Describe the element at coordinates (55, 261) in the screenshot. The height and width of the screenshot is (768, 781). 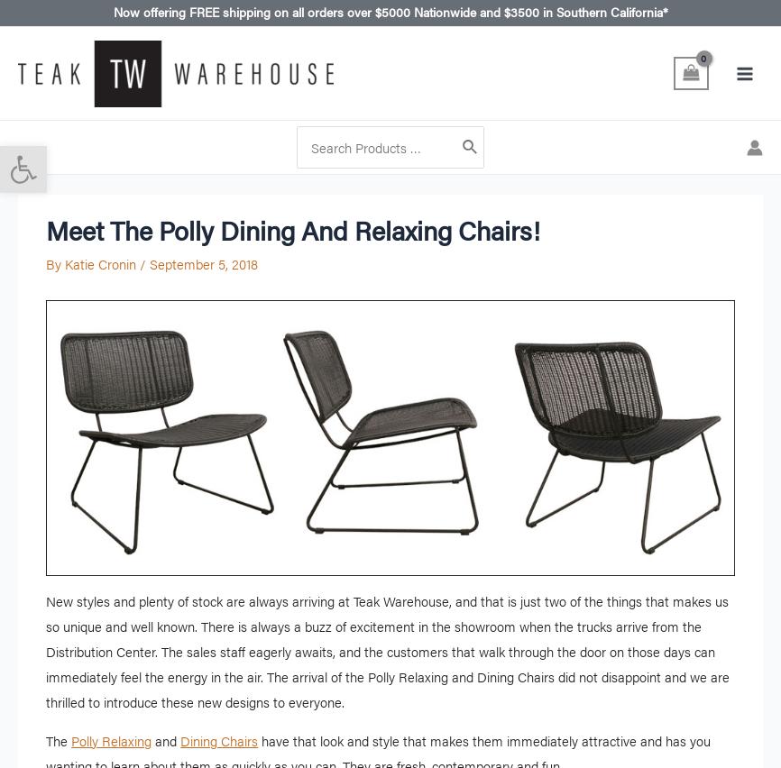
I see `'By'` at that location.